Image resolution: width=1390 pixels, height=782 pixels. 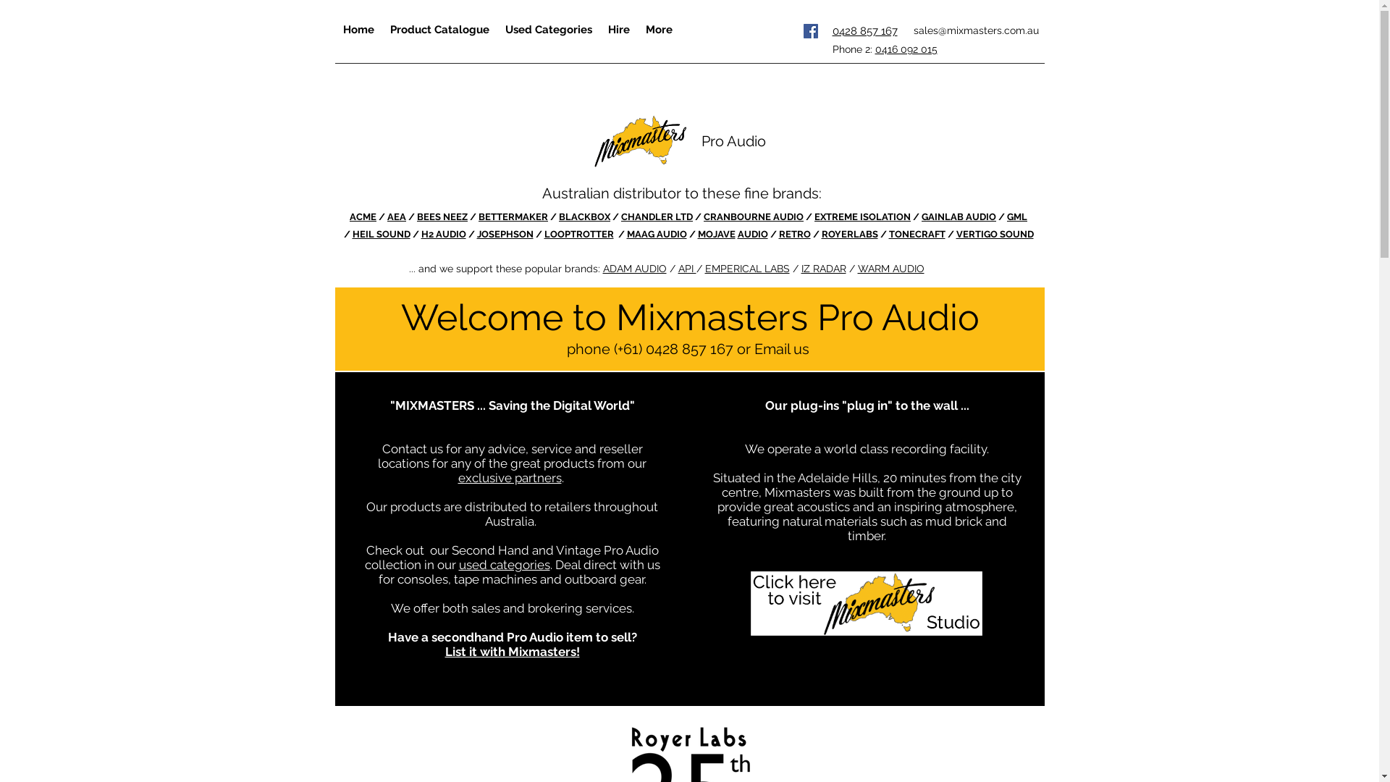 What do you see at coordinates (386, 233) in the screenshot?
I see `'HEIL SOUND / '` at bounding box center [386, 233].